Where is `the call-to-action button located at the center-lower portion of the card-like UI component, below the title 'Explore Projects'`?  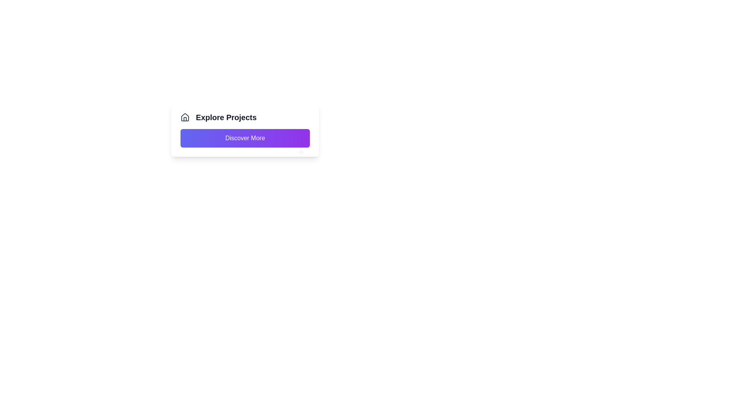 the call-to-action button located at the center-lower portion of the card-like UI component, below the title 'Explore Projects' is located at coordinates (245, 138).